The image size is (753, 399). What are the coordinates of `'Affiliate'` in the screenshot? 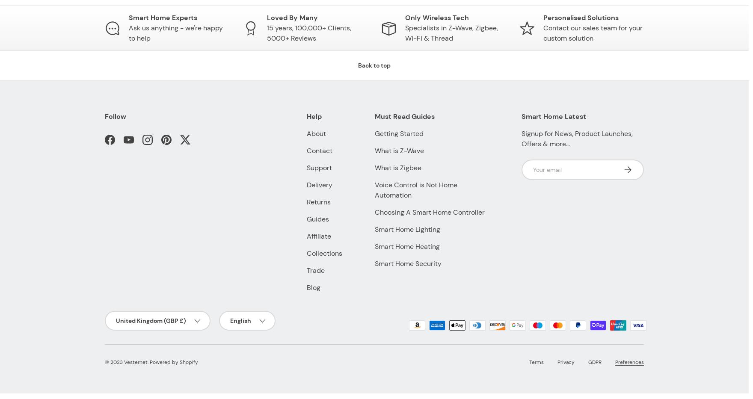 It's located at (318, 236).